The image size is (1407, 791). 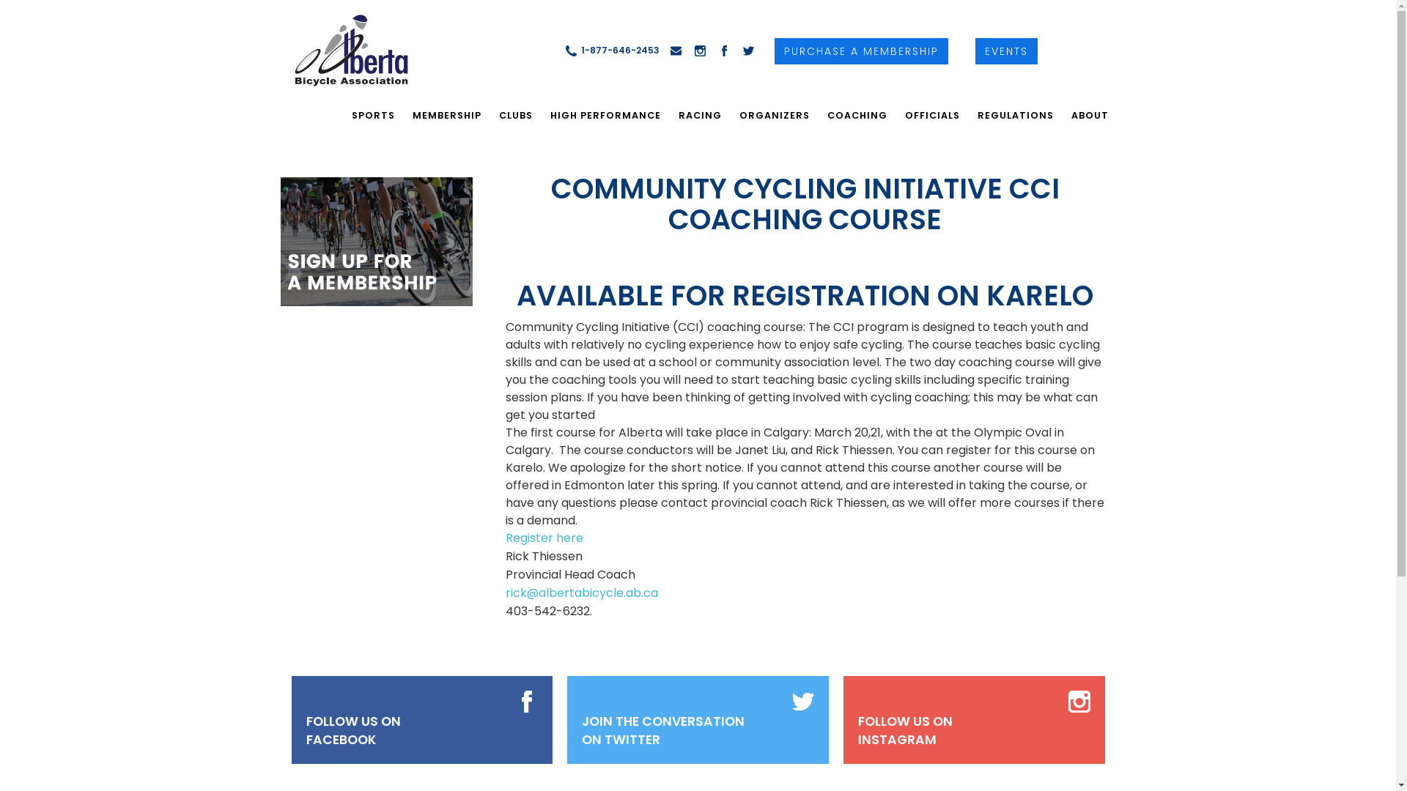 What do you see at coordinates (514, 115) in the screenshot?
I see `'CLUBS'` at bounding box center [514, 115].